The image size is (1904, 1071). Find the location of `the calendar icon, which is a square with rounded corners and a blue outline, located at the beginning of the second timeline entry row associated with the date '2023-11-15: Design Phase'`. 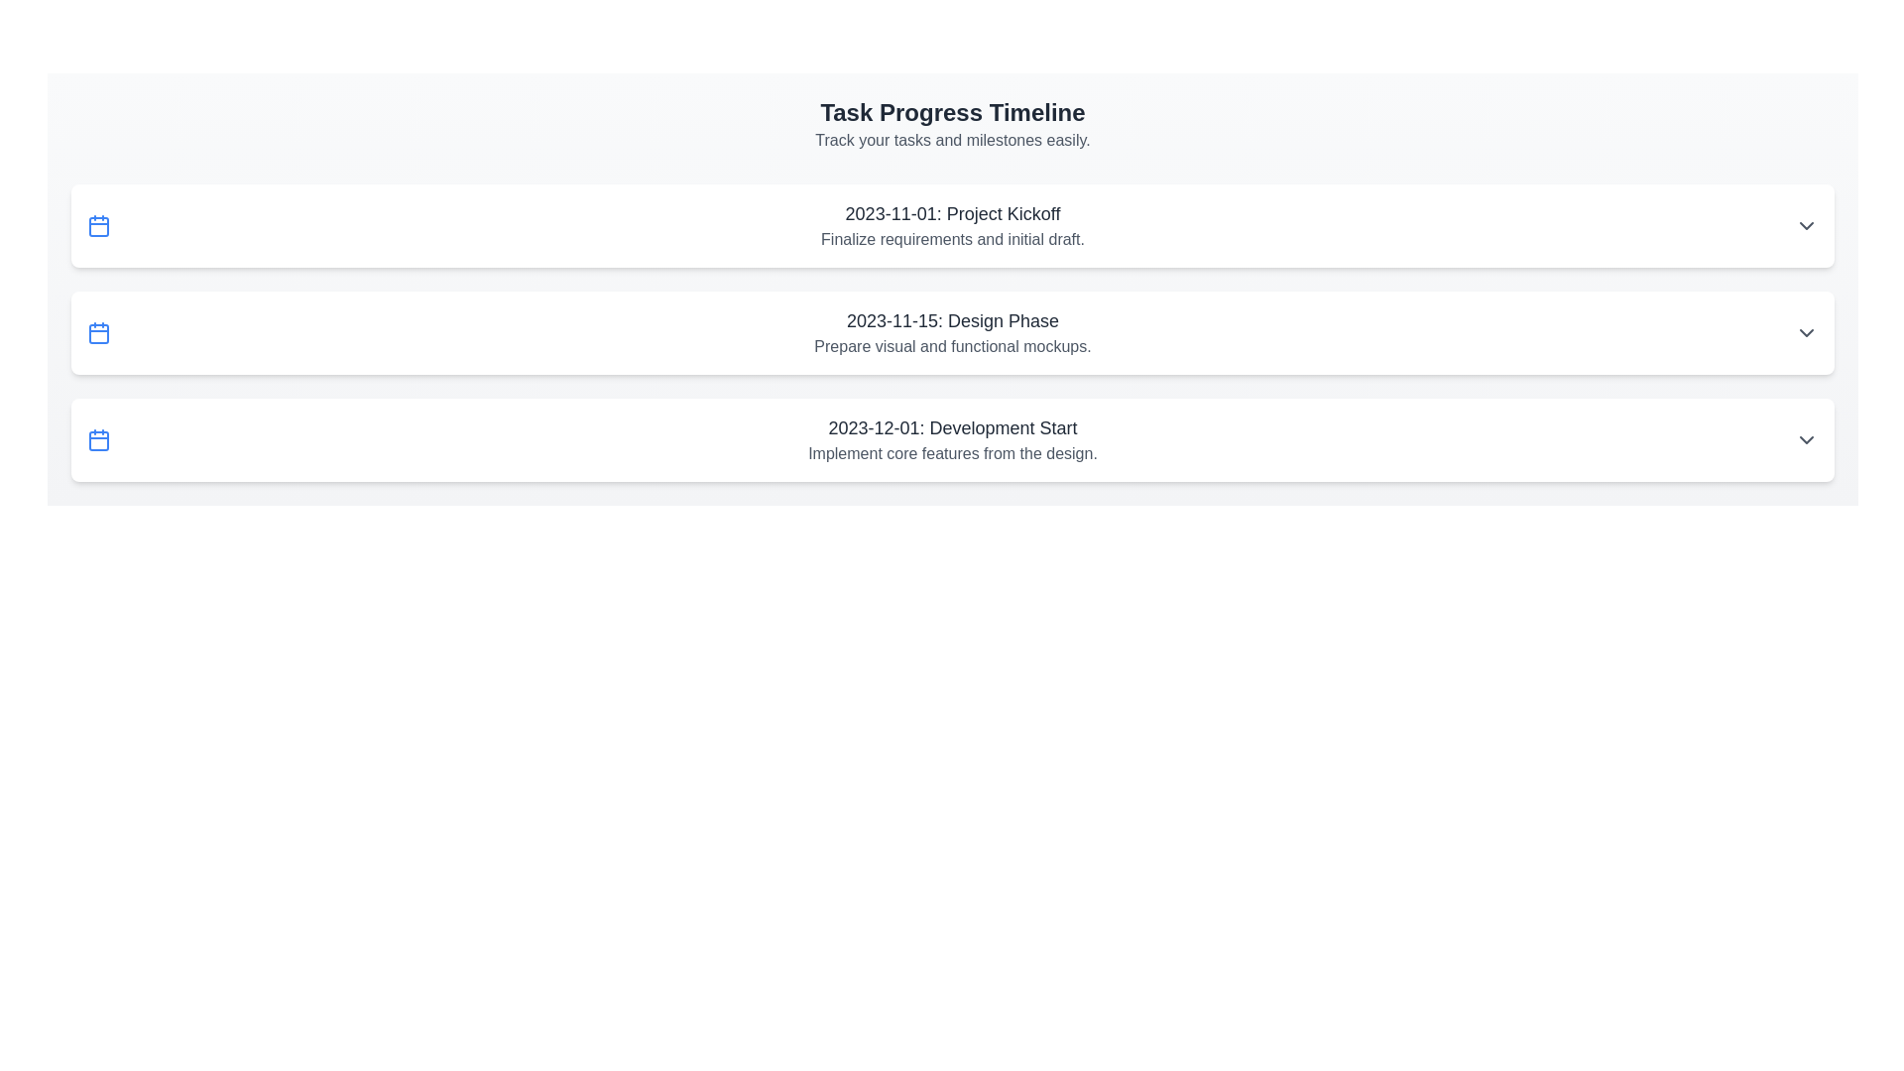

the calendar icon, which is a square with rounded corners and a blue outline, located at the beginning of the second timeline entry row associated with the date '2023-11-15: Design Phase' is located at coordinates (98, 331).